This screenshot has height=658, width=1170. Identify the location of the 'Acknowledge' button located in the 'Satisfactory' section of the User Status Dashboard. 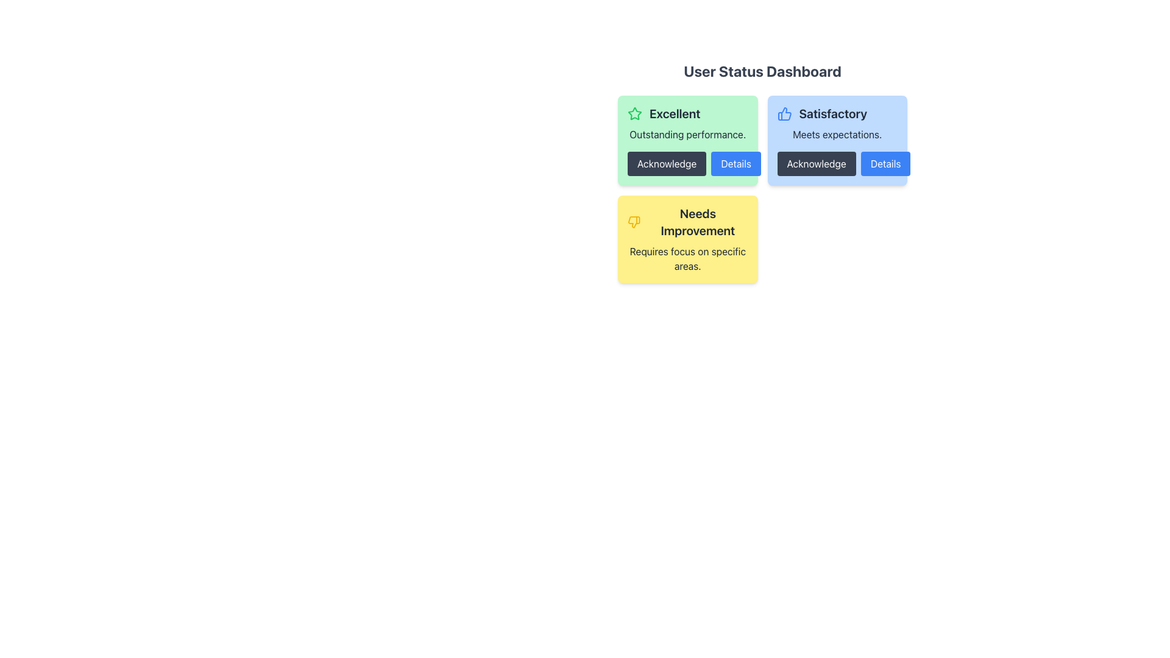
(837, 163).